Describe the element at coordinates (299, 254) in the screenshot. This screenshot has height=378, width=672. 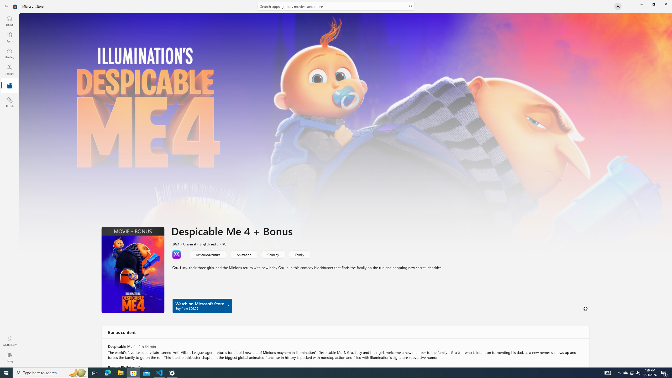
I see `'Family'` at that location.